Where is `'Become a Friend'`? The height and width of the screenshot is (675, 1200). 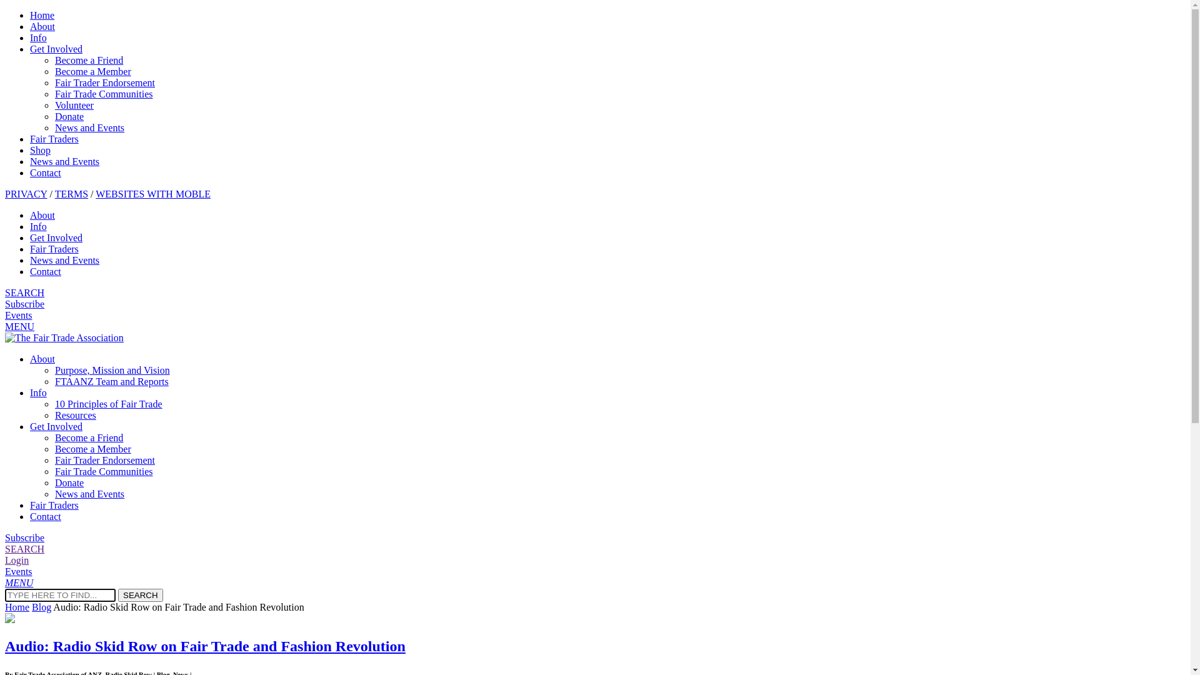
'Become a Friend' is located at coordinates (88, 437).